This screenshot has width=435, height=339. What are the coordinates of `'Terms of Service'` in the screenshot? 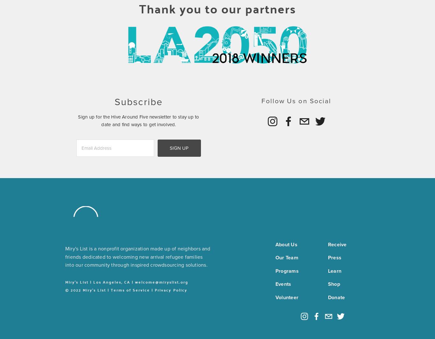 It's located at (130, 290).